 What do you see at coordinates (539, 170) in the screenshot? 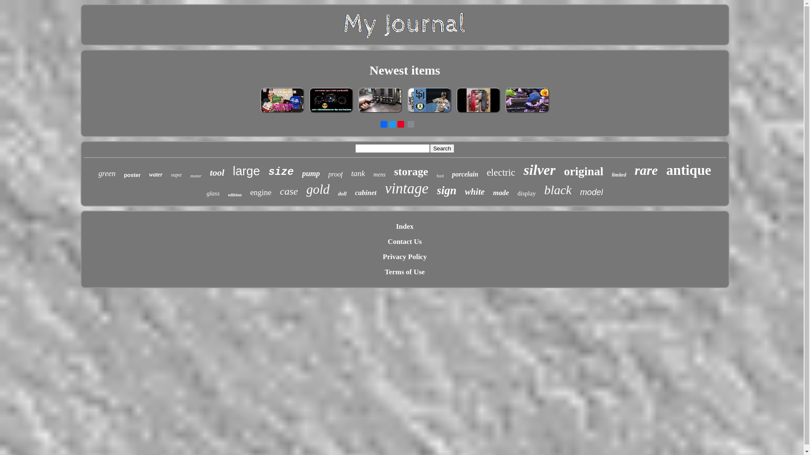
I see `'silver'` at bounding box center [539, 170].